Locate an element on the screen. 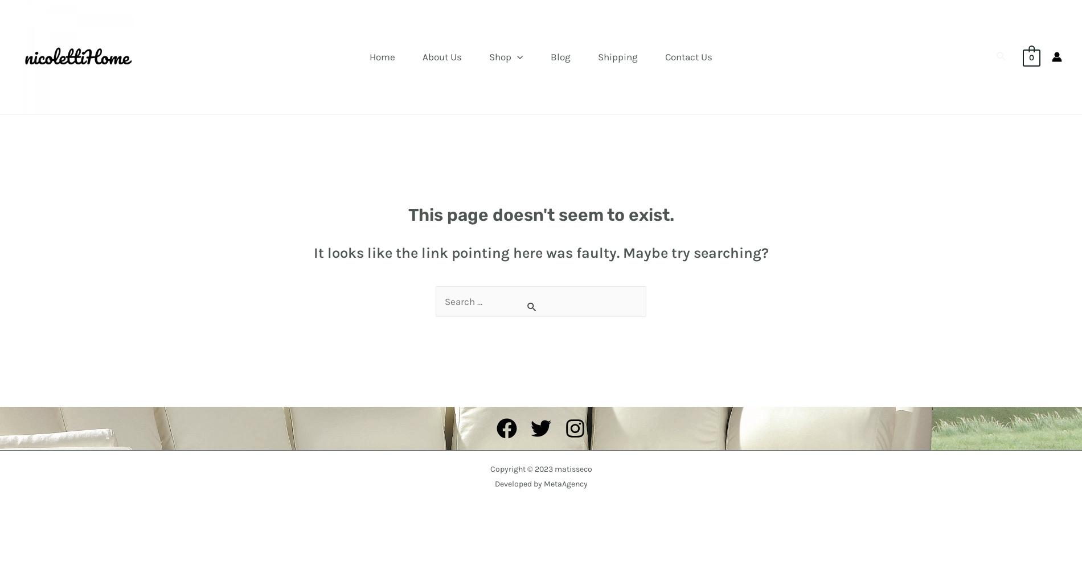 The width and height of the screenshot is (1082, 569). 'It looks like the link pointing here was faulty. Maybe try searching?' is located at coordinates (540, 252).